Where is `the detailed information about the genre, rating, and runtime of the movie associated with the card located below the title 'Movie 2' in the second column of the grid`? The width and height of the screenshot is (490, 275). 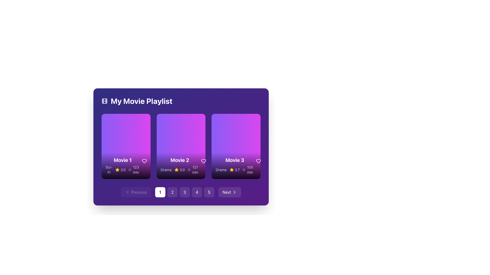
the detailed information about the genre, rating, and runtime of the movie associated with the card located below the title 'Movie 2' in the second column of the grid is located at coordinates (180, 170).